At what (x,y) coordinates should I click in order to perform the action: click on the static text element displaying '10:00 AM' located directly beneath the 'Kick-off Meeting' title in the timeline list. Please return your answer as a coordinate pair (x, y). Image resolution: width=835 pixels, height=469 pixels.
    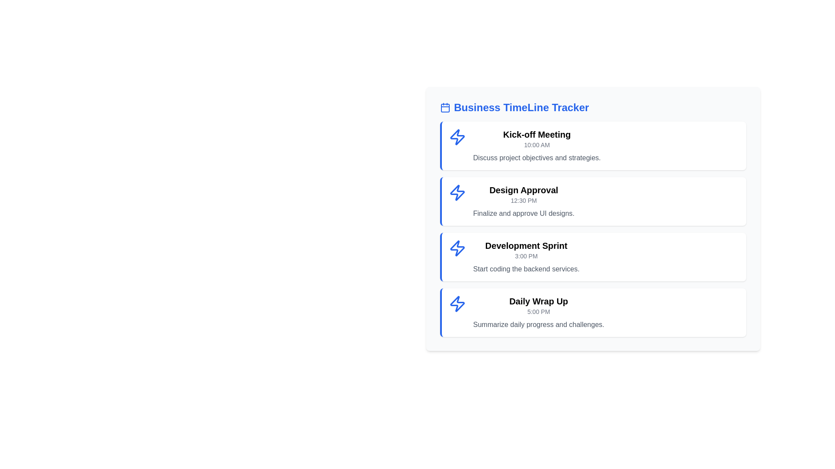
    Looking at the image, I should click on (536, 145).